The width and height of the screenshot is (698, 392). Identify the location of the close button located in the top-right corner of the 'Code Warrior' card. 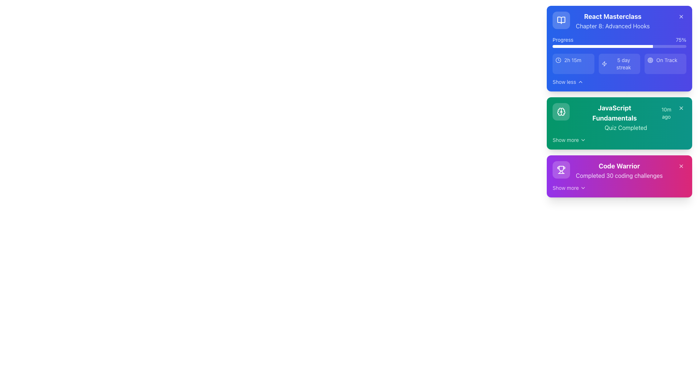
(681, 166).